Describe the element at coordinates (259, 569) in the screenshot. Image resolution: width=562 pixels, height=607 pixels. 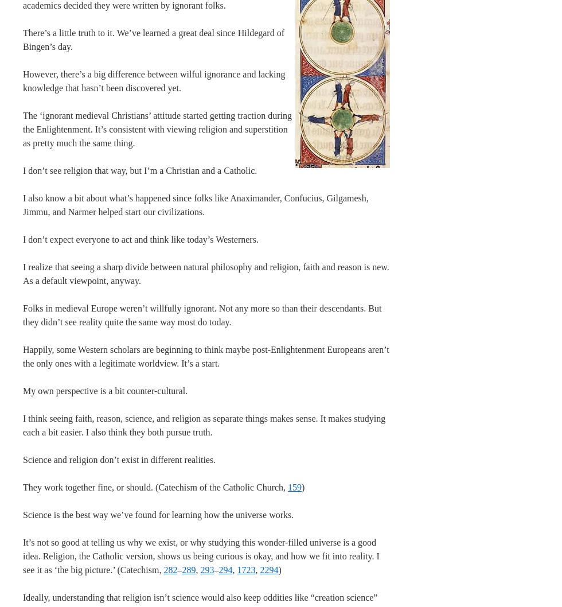
I see `'2294'` at that location.